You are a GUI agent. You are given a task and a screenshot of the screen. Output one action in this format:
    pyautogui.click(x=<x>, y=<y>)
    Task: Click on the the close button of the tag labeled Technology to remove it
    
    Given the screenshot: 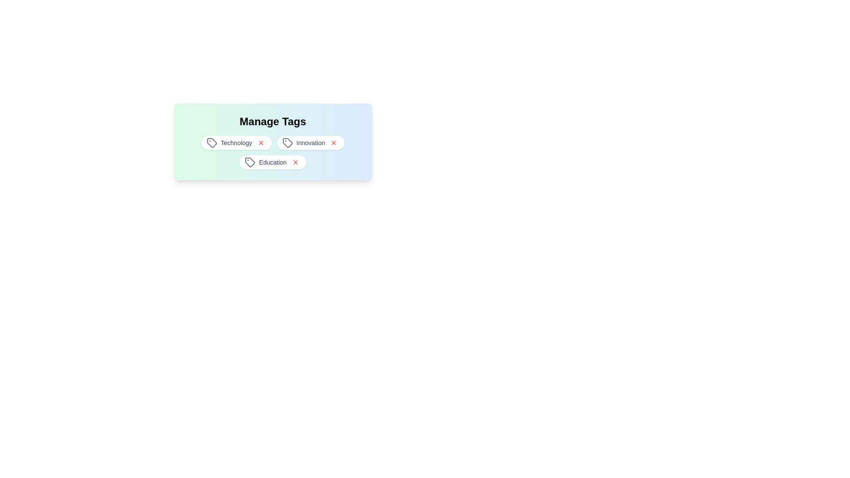 What is the action you would take?
    pyautogui.click(x=260, y=143)
    